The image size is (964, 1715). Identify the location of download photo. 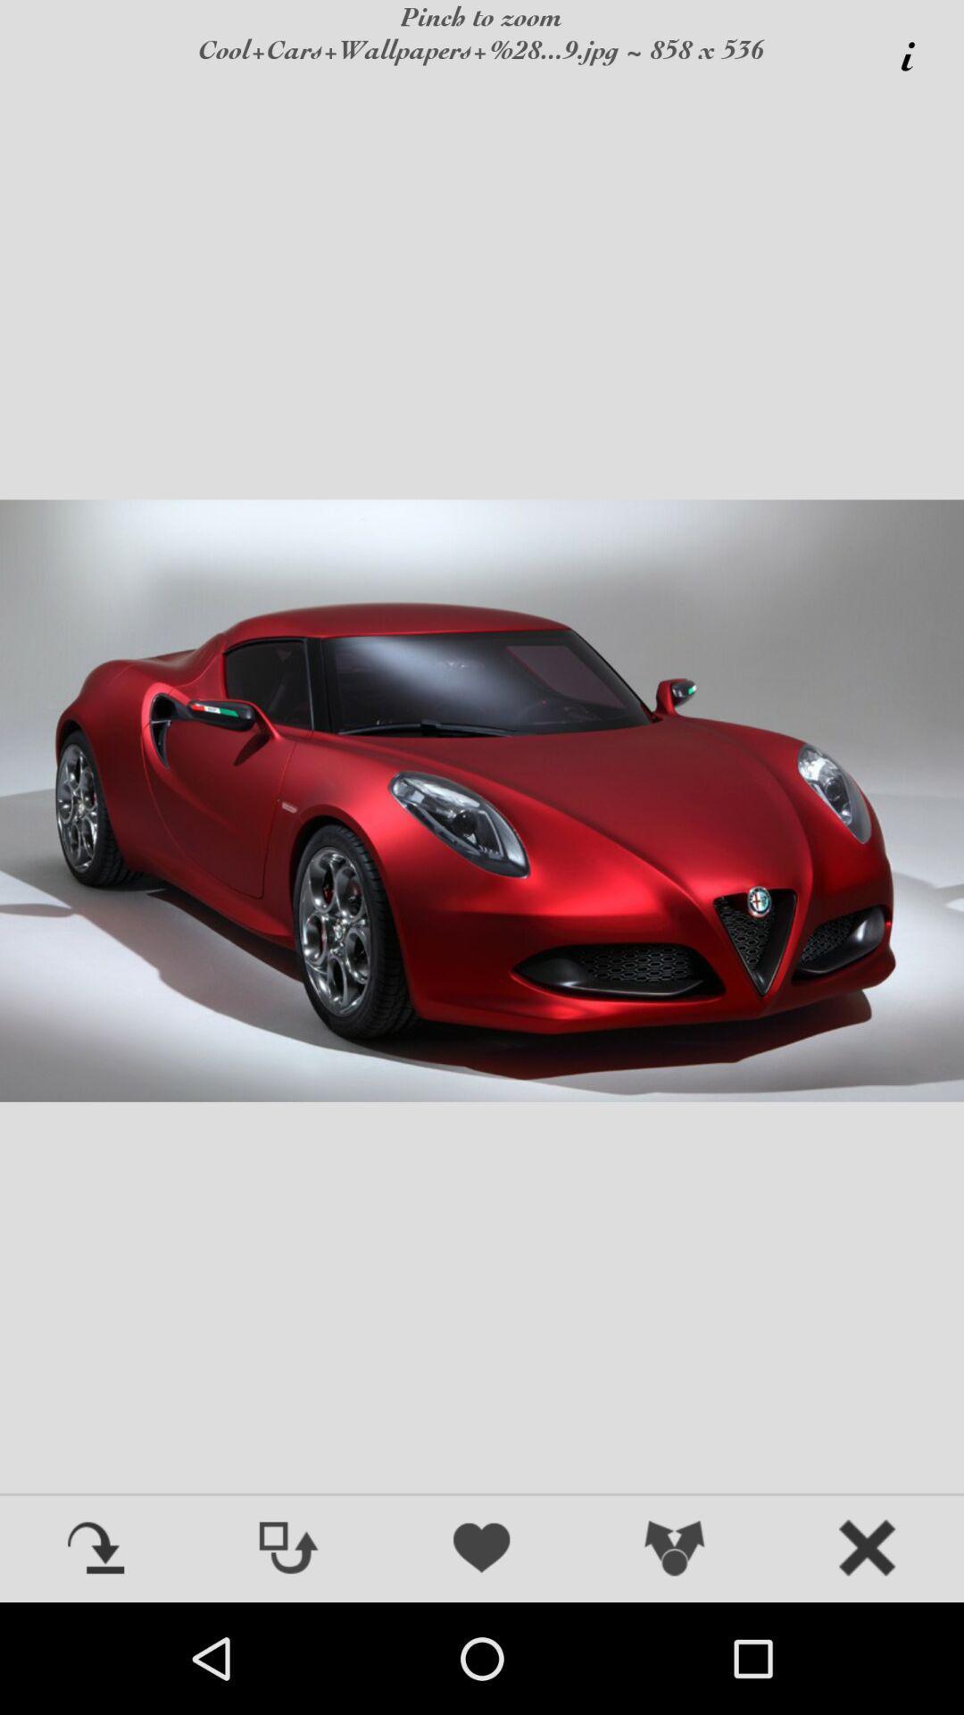
(96, 1549).